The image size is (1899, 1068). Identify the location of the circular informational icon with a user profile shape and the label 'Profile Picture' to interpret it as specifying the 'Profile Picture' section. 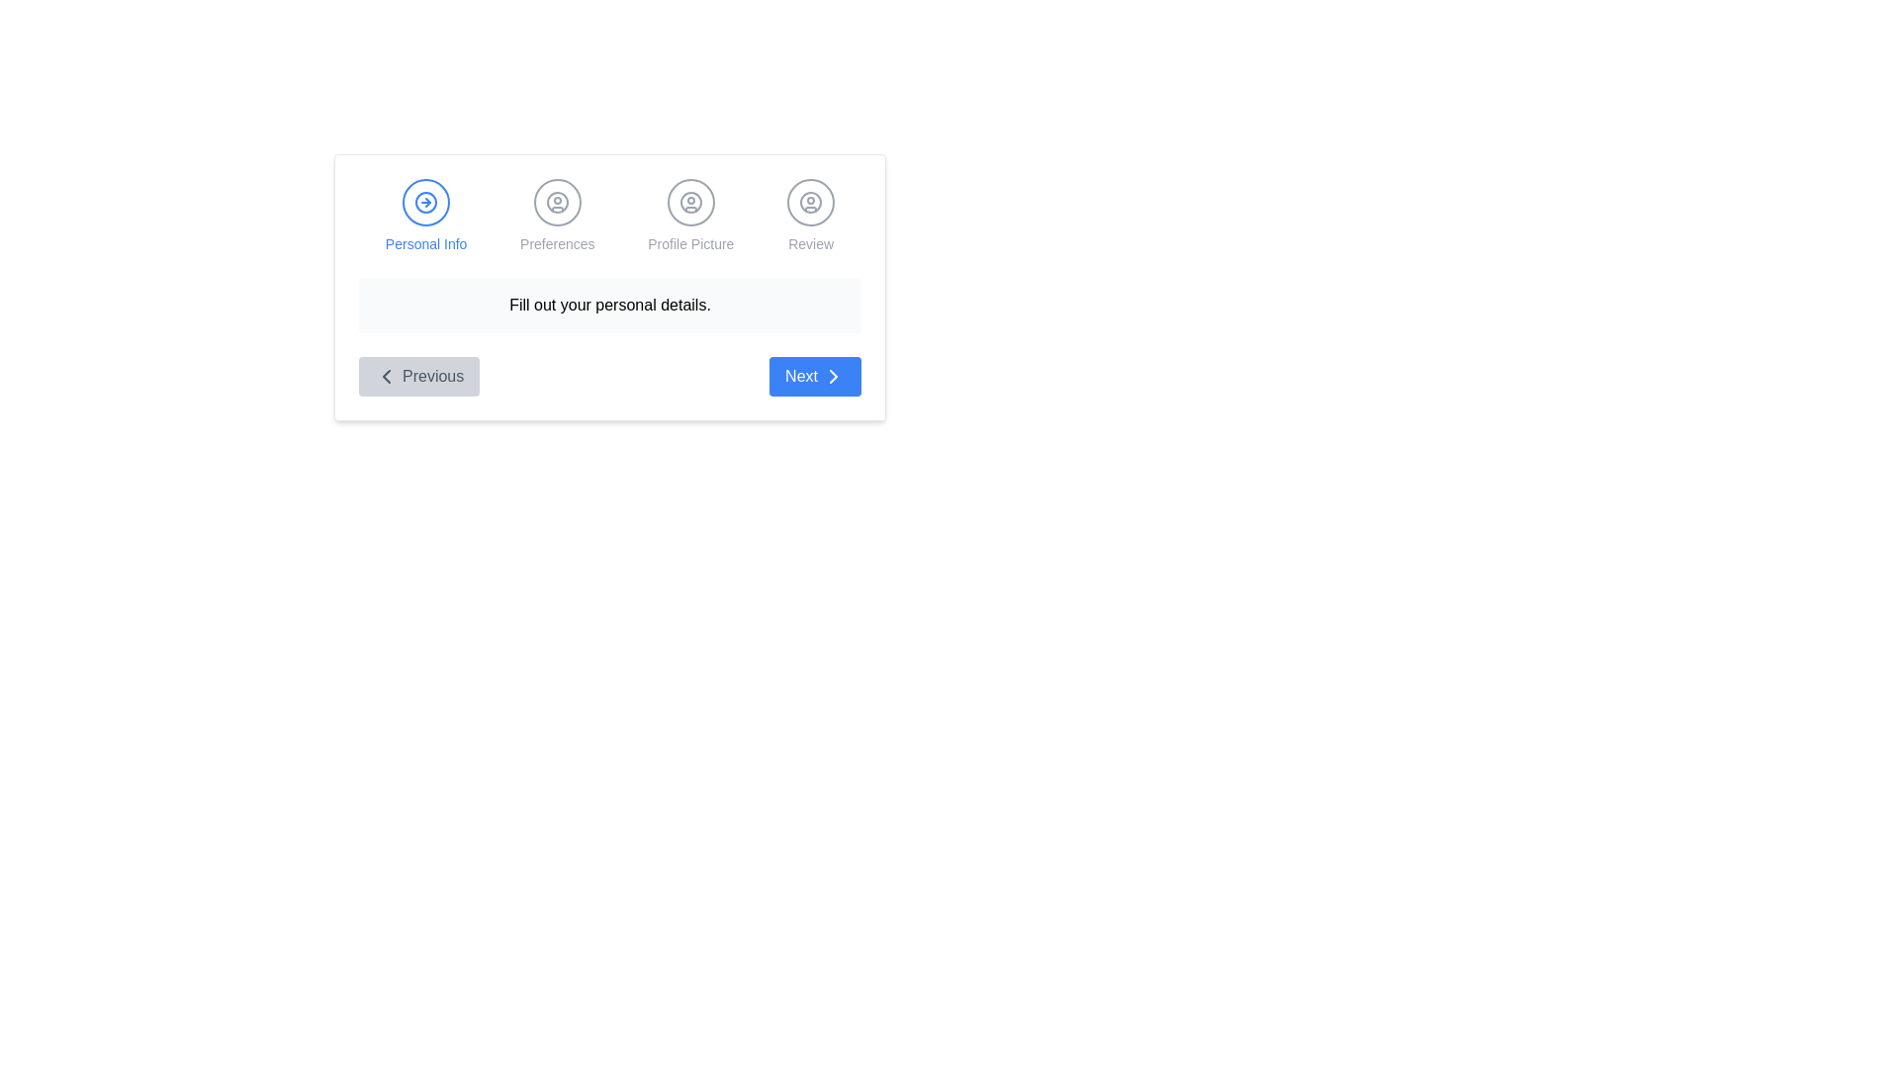
(690, 217).